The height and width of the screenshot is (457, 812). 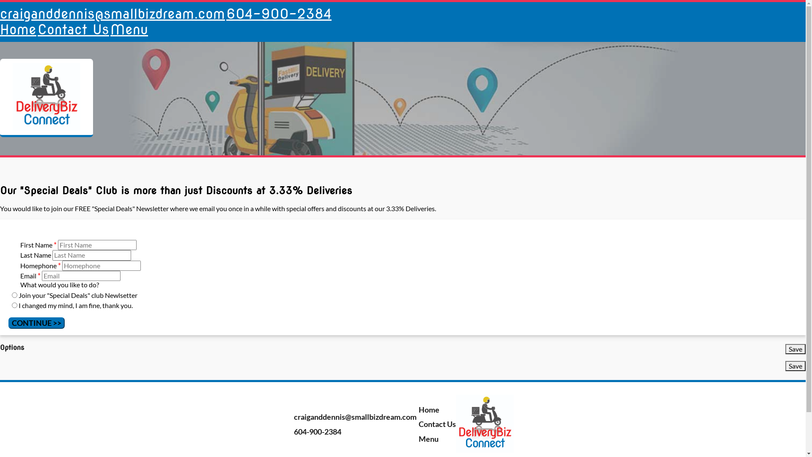 I want to click on 'Save', so click(x=795, y=349).